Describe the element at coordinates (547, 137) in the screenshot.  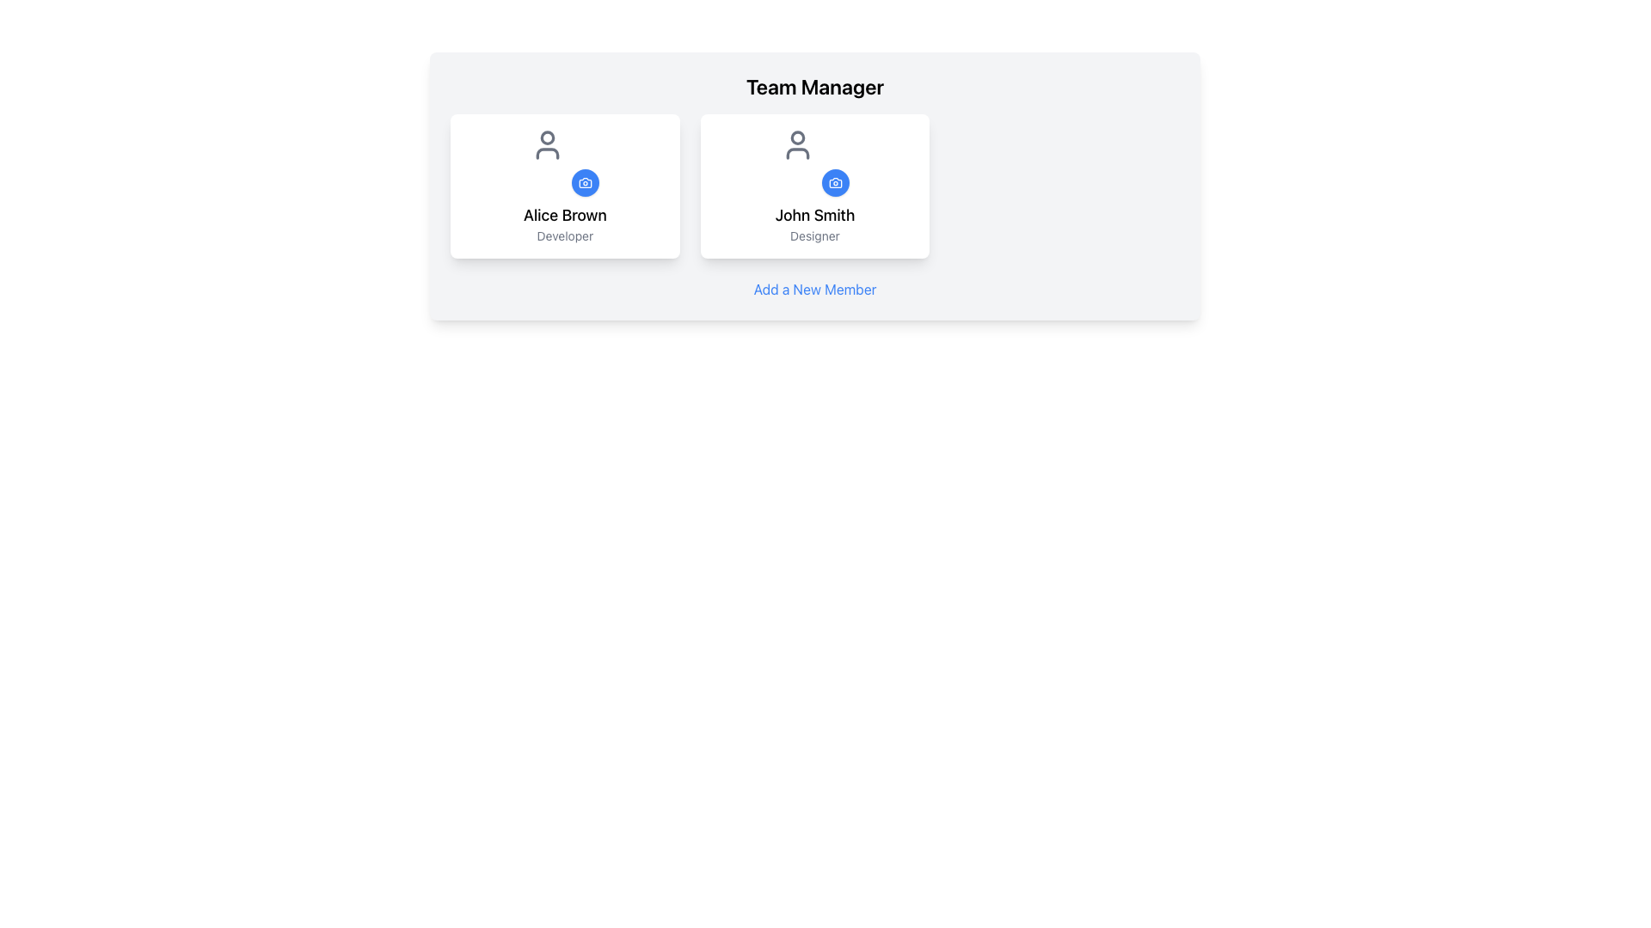
I see `the SVG shape that visually represents the head in the user icon located in the left profile card of the interface, part of the profile image area for 'Alice Brown, Developer.'` at that location.